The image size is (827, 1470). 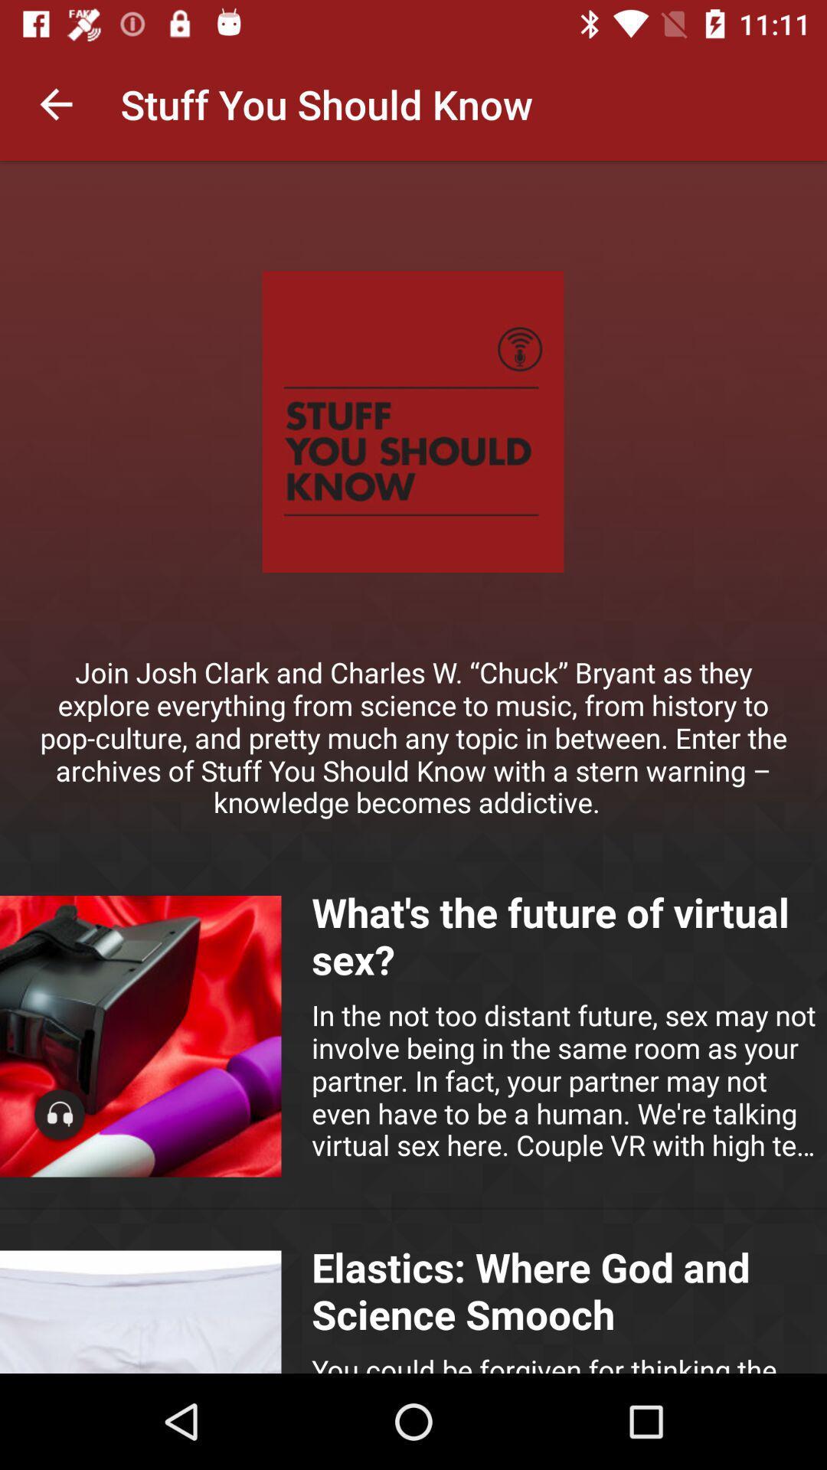 I want to click on image from article, so click(x=140, y=1311).